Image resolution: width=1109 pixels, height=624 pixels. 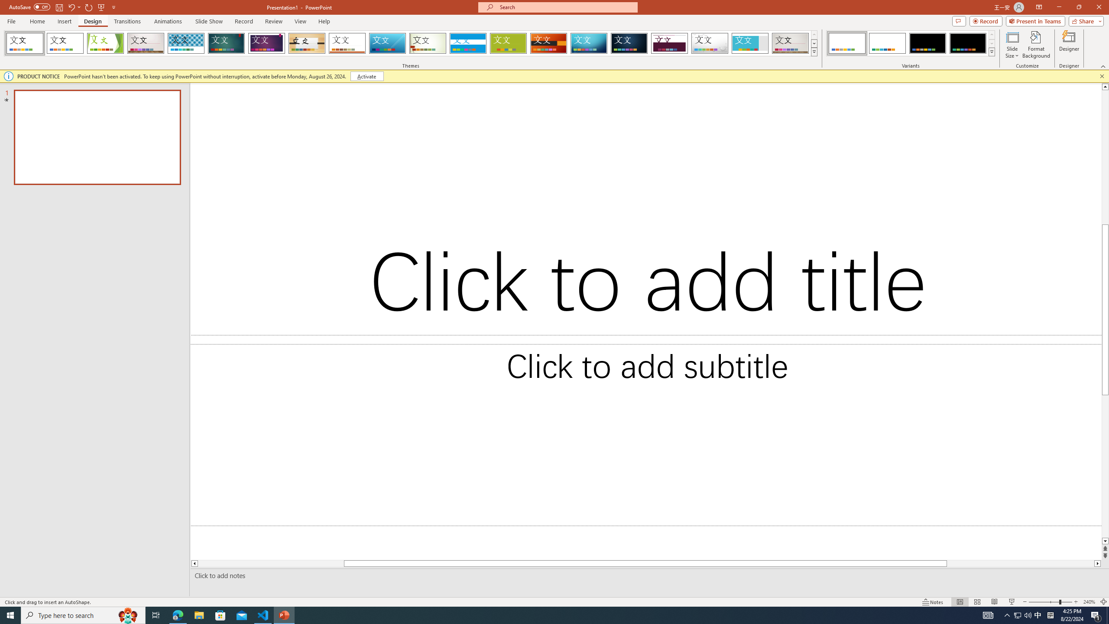 I want to click on 'Frame', so click(x=750, y=43).